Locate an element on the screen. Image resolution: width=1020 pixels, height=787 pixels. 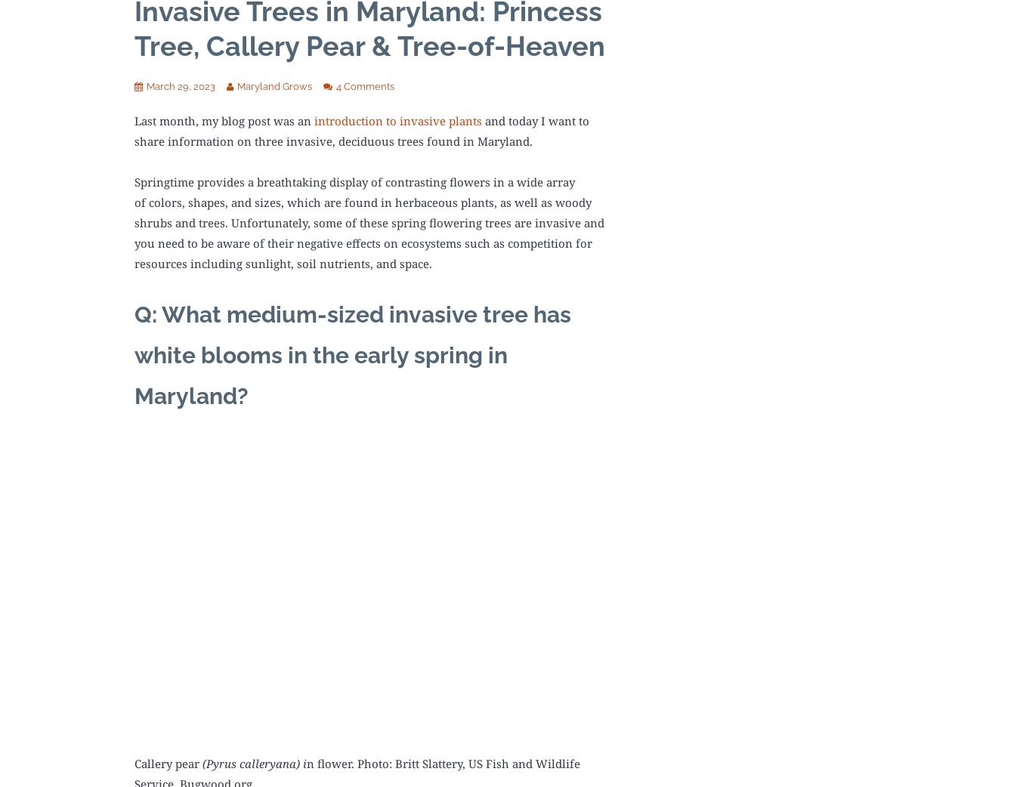
'Last month, my blog post was an' is located at coordinates (134, 120).